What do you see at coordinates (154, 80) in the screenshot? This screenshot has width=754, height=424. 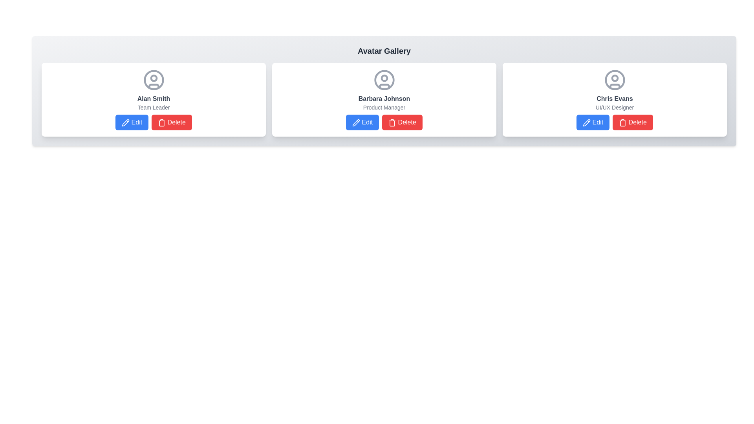 I see `the user avatar icon for 'Alan Smith', which is styled in gray and located at the top of the card in the 'Avatar Gallery' section` at bounding box center [154, 80].